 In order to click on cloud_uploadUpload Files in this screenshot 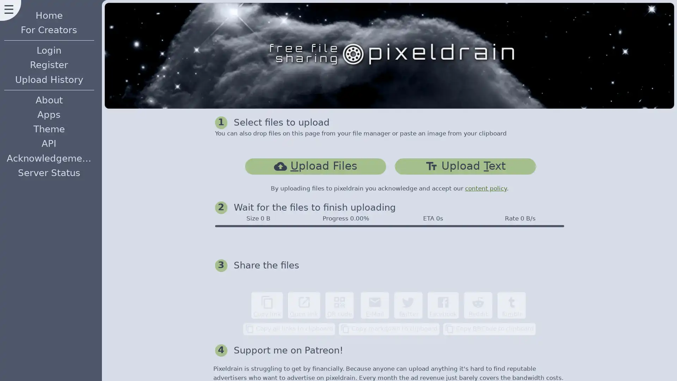, I will do `click(315, 166)`.